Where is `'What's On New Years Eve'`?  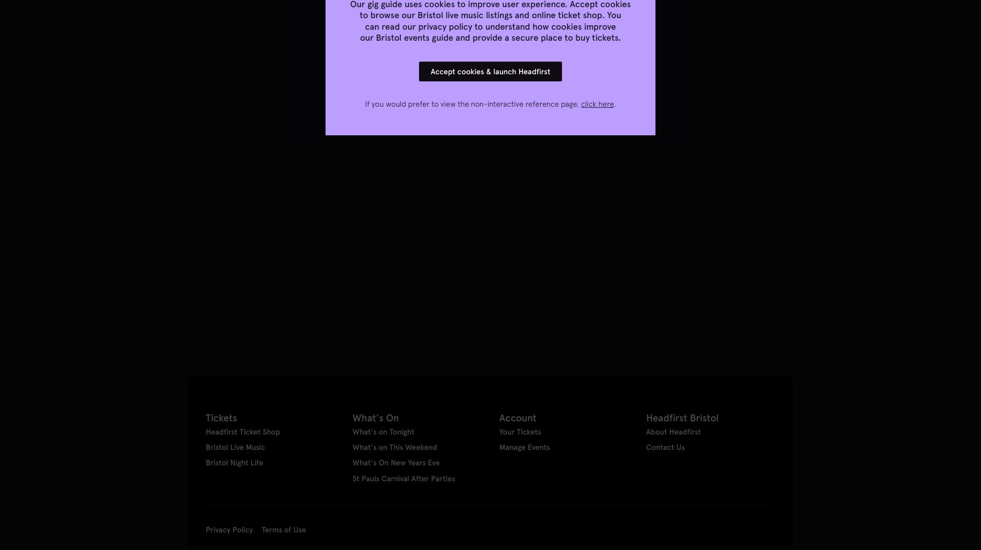
'What's On New Years Eve' is located at coordinates (396, 462).